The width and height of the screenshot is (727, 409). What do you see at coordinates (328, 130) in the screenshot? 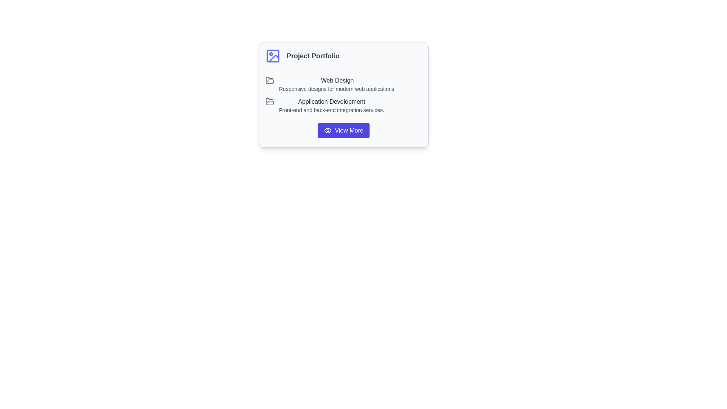
I see `the icon located within the 'View More' button, positioned to the left of the text 'View More' near the lower right corner of the card interface` at bounding box center [328, 130].